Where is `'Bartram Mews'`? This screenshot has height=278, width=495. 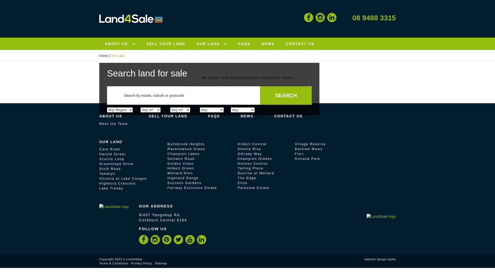
'Bartram Mews' is located at coordinates (309, 149).